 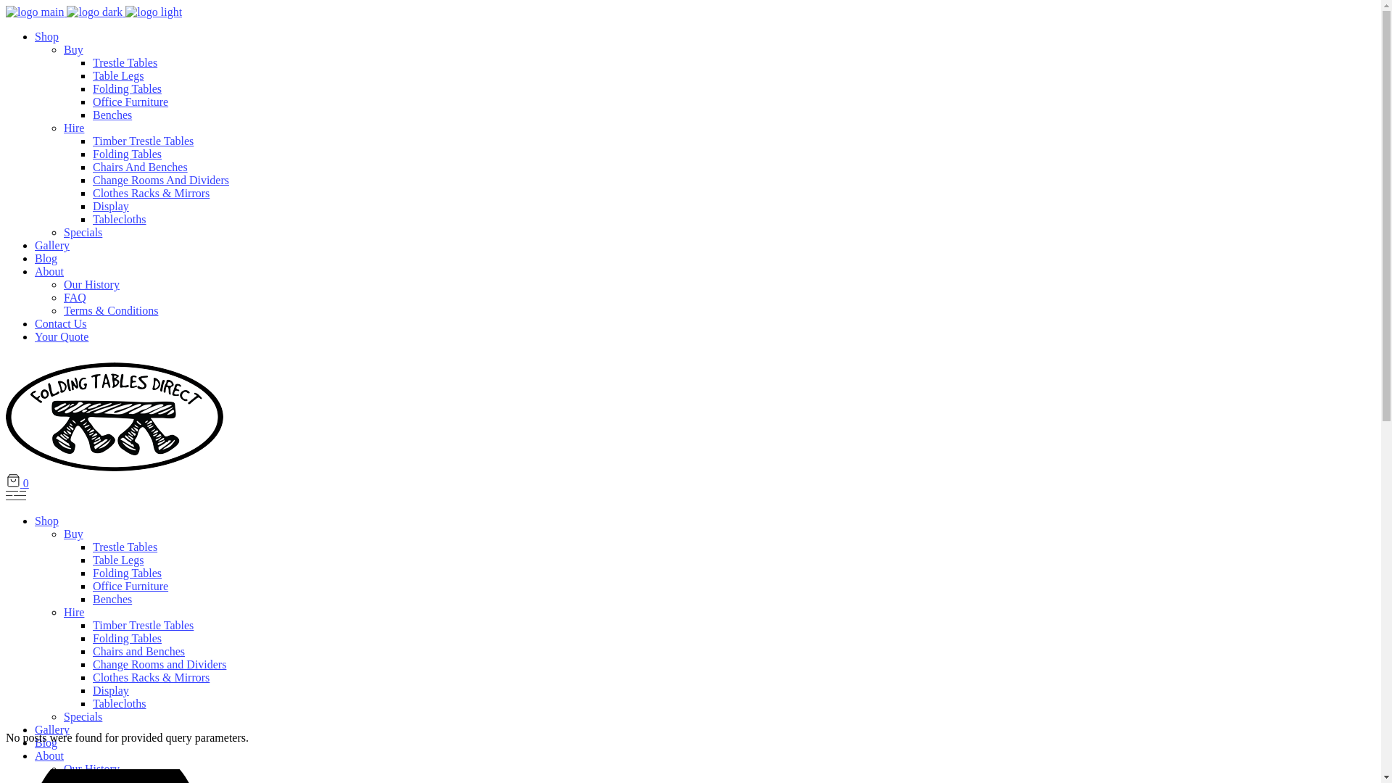 What do you see at coordinates (72, 127) in the screenshot?
I see `'Hire'` at bounding box center [72, 127].